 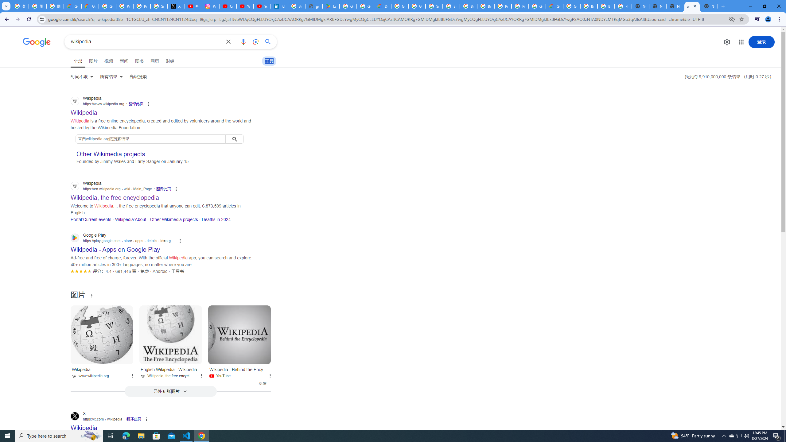 I want to click on 'Wikipedia www.wikipedia.org', so click(x=102, y=371).